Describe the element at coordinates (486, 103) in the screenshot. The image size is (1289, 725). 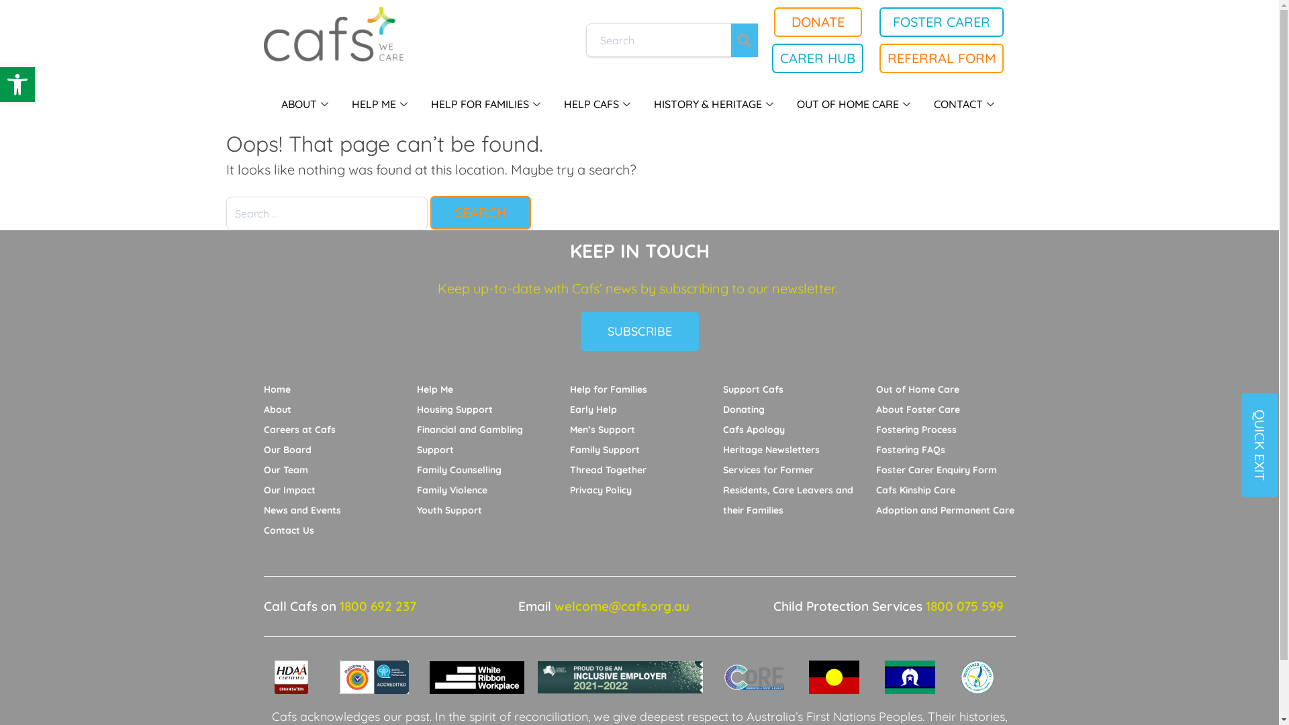
I see `'HELP FOR FAMILIES'` at that location.